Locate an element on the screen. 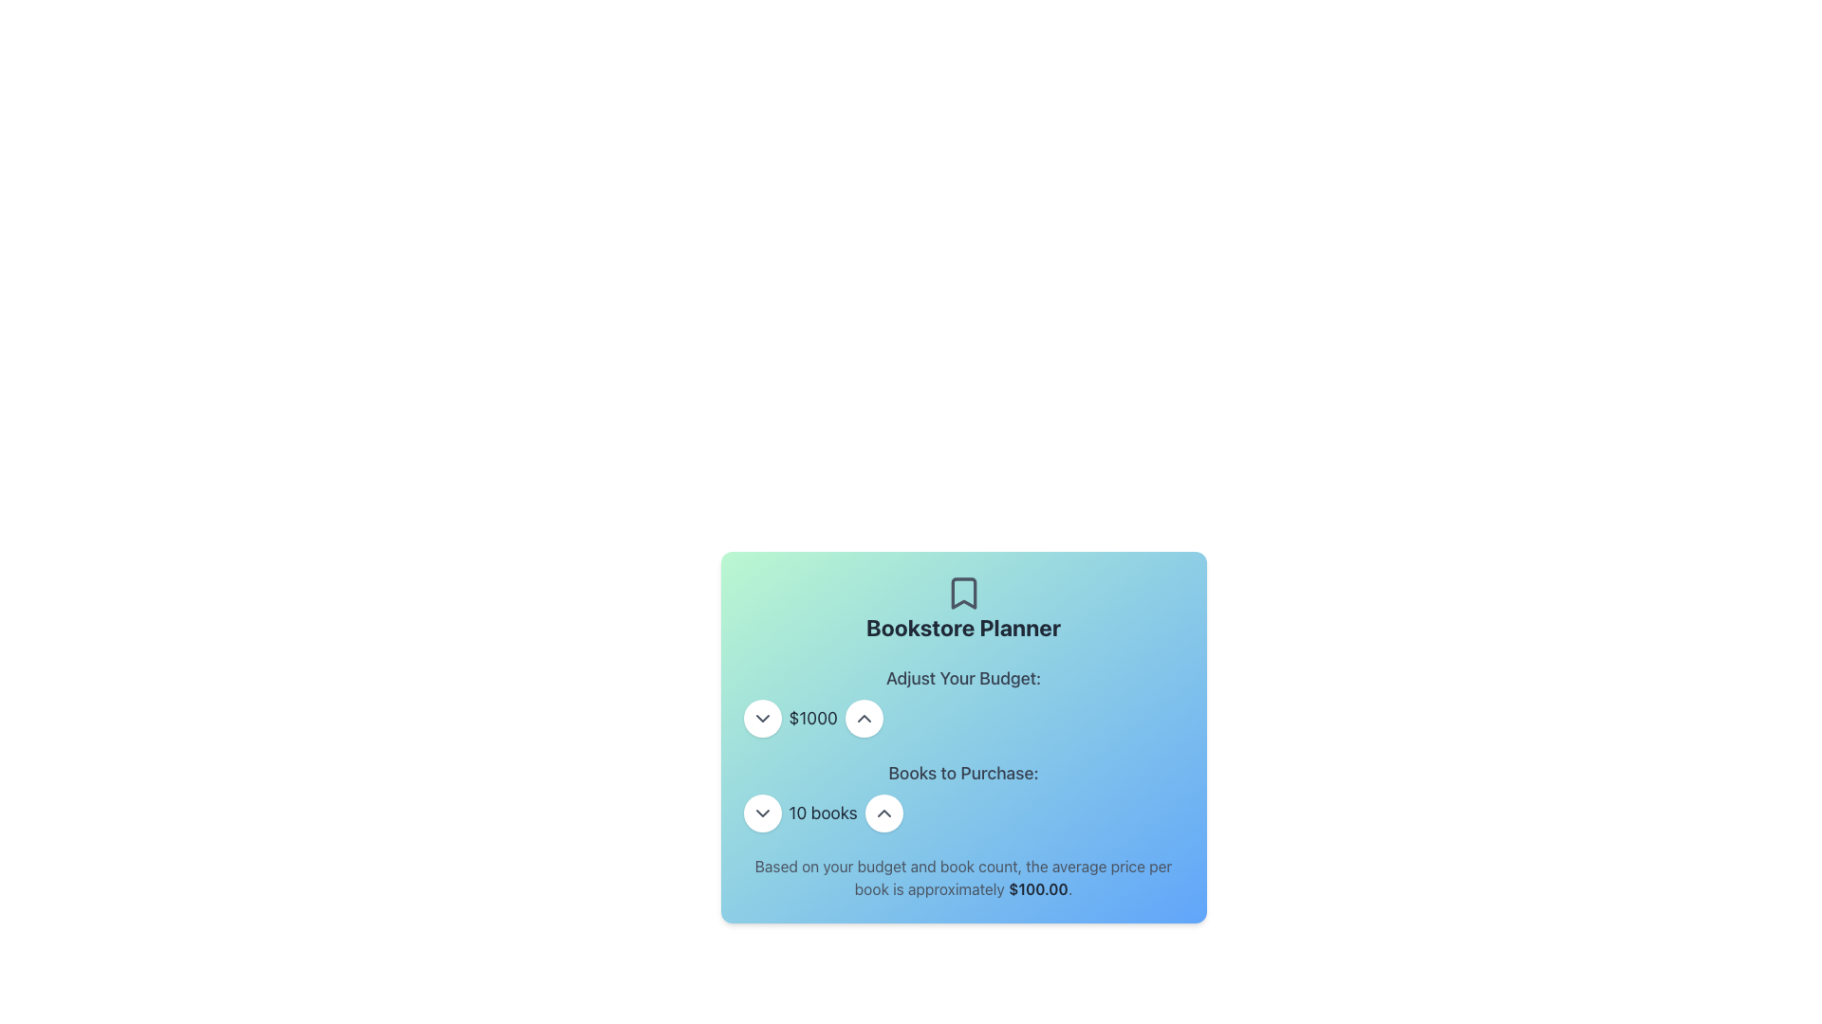 Image resolution: width=1822 pixels, height=1024 pixels. the circular white button with an upward-pointing chevron icon located under 'Books to Purchase', aligned with '10 books' is located at coordinates (883, 812).